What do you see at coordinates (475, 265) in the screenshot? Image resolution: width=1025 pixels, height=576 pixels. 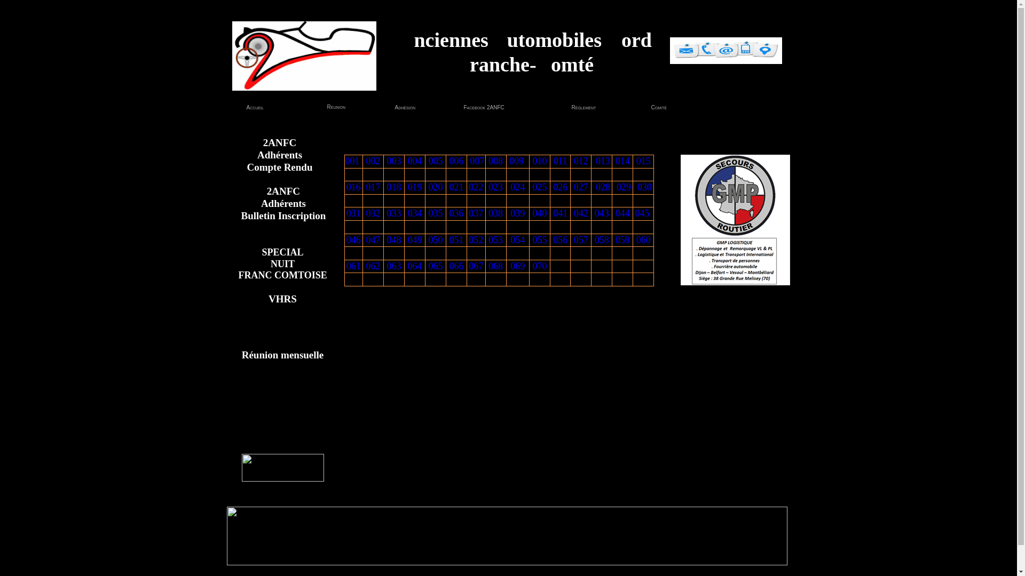 I see `'067'` at bounding box center [475, 265].